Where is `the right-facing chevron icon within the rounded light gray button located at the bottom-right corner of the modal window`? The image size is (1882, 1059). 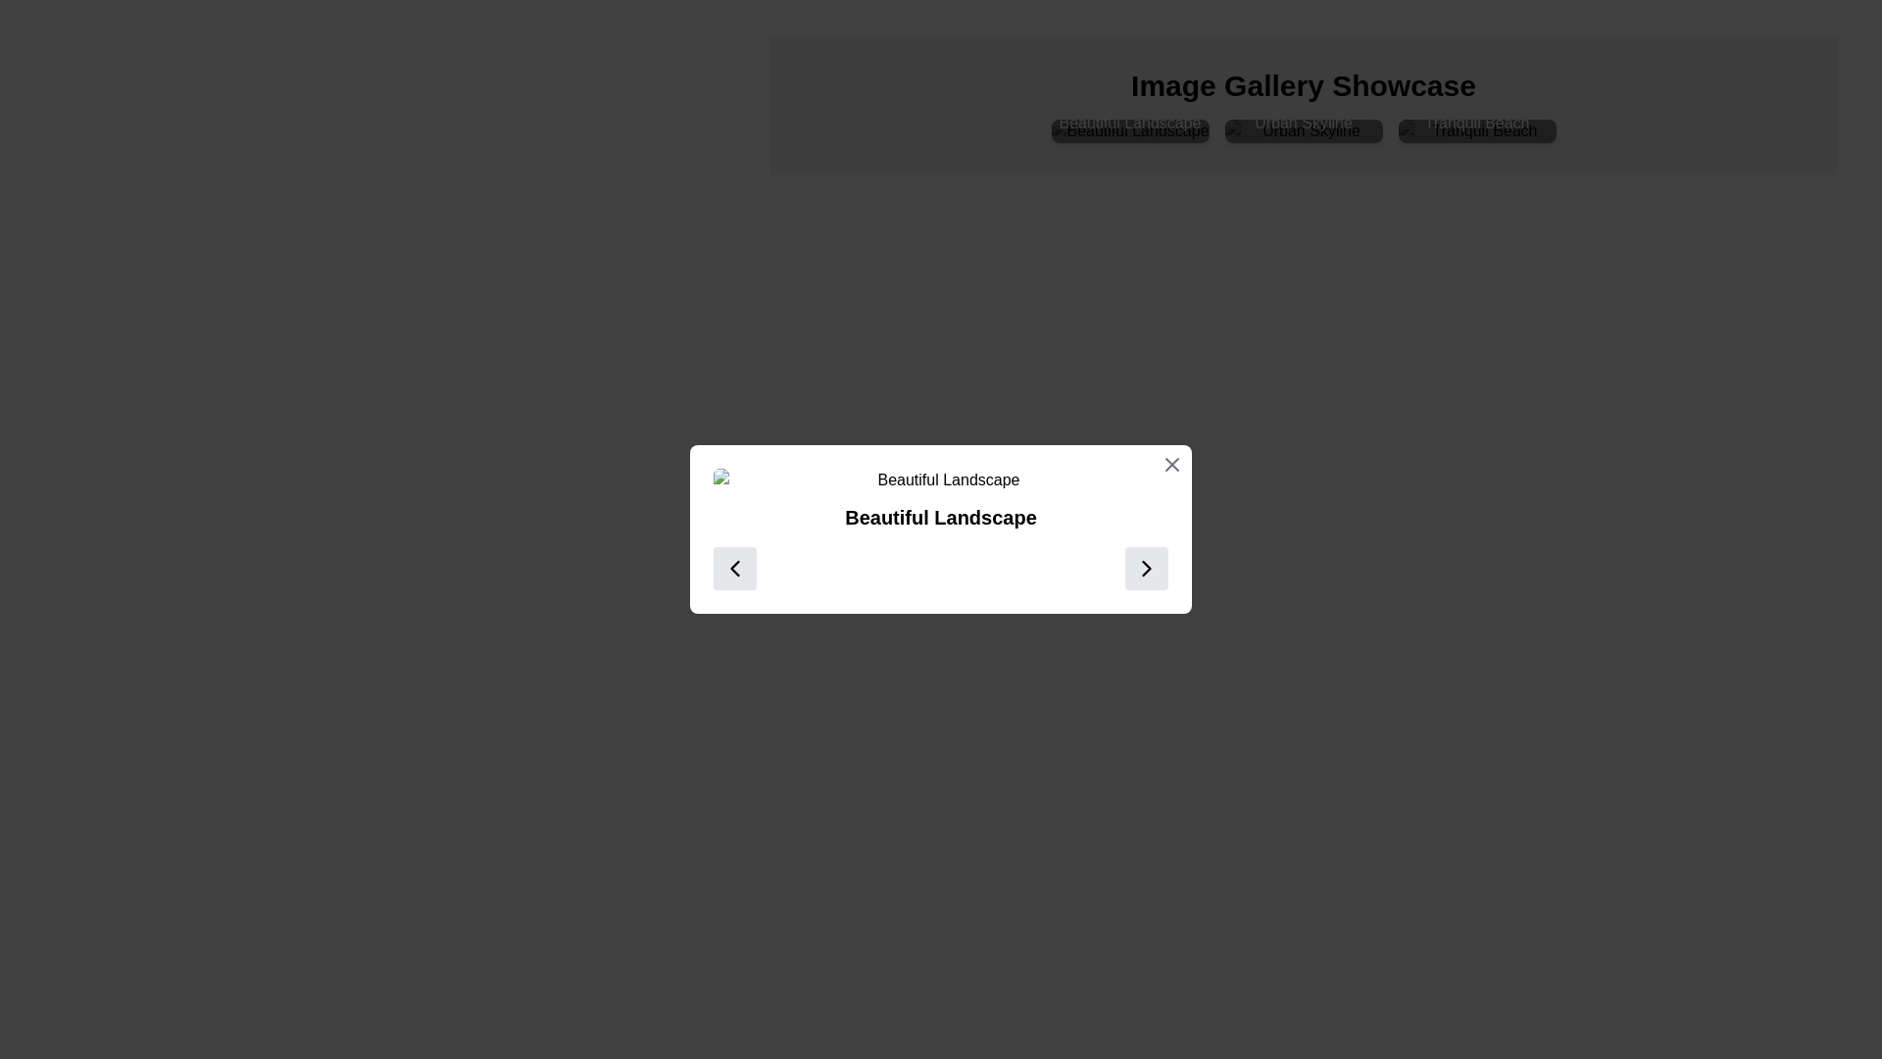
the right-facing chevron icon within the rounded light gray button located at the bottom-right corner of the modal window is located at coordinates (1147, 568).